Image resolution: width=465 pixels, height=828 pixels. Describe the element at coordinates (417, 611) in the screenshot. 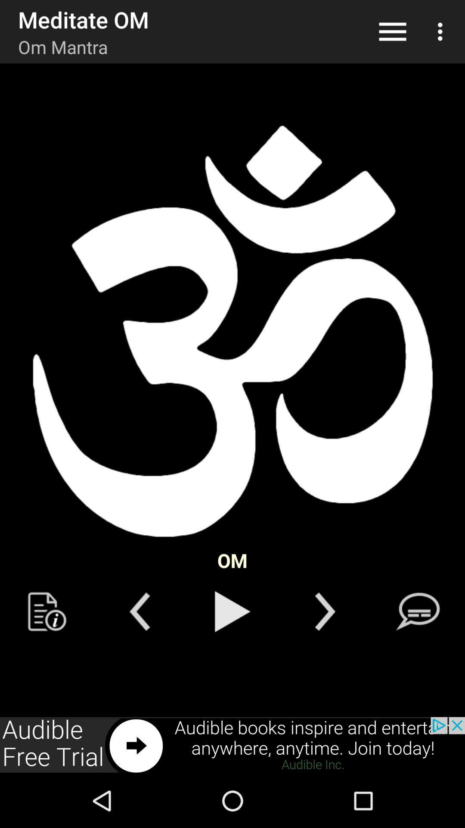

I see `message` at that location.